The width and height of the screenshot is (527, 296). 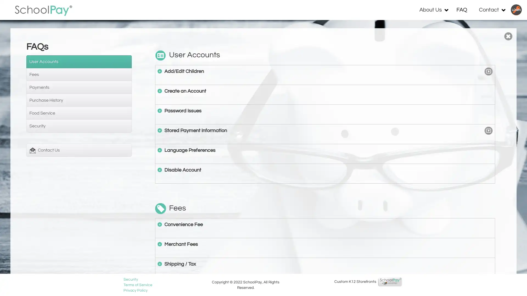 I want to click on Merchant Fees, so click(x=159, y=244).